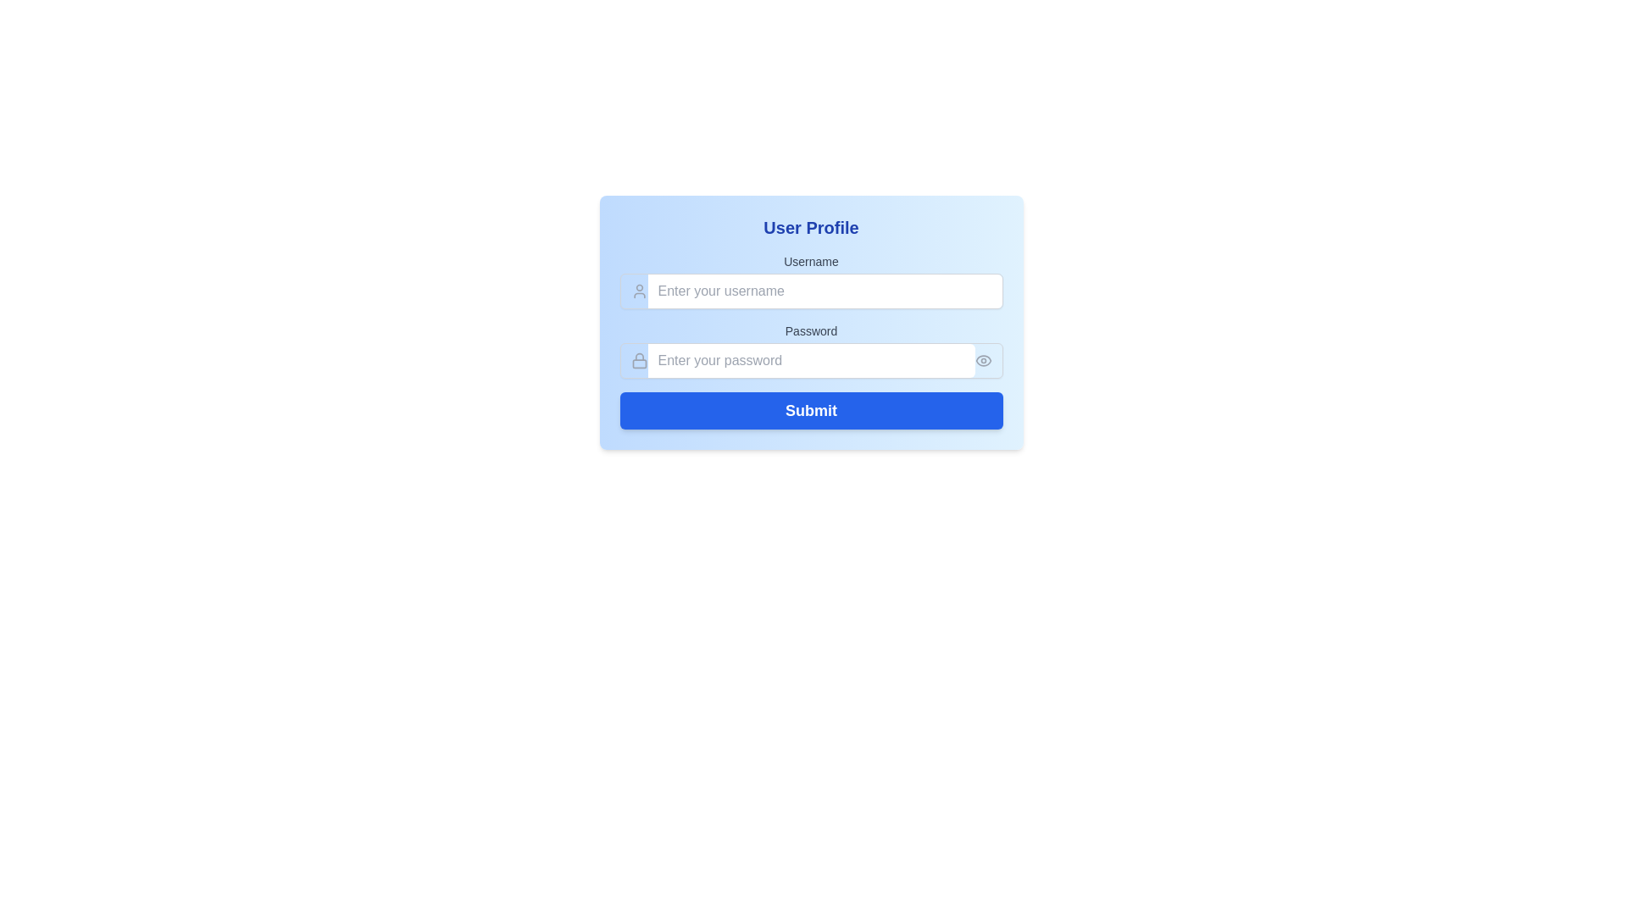  I want to click on the Text label that indicates the password input field, which is positioned above the password entry box and aligned to its left edge, so click(810, 330).